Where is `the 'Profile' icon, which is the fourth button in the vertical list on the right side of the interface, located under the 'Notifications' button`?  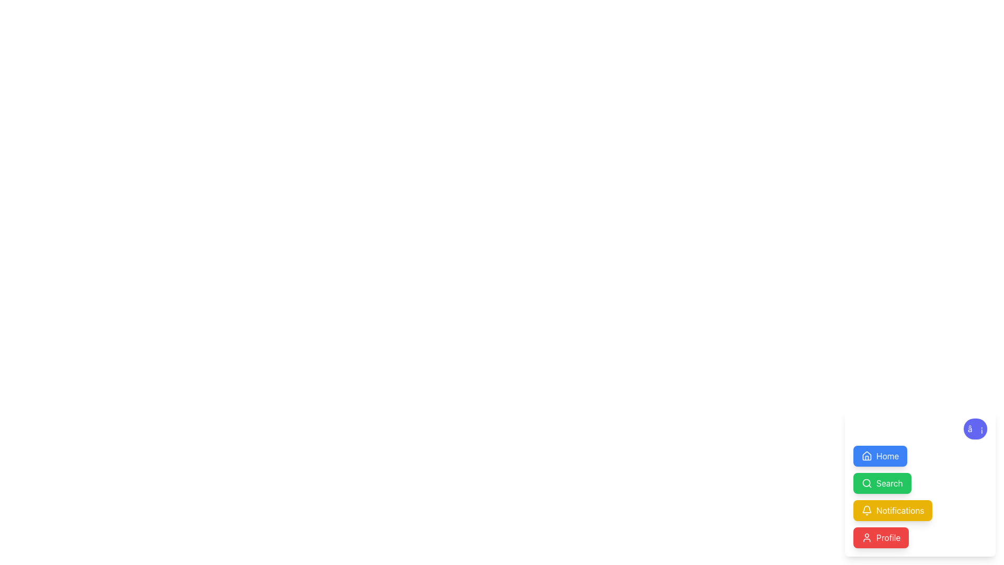
the 'Profile' icon, which is the fourth button in the vertical list on the right side of the interface, located under the 'Notifications' button is located at coordinates (866, 538).